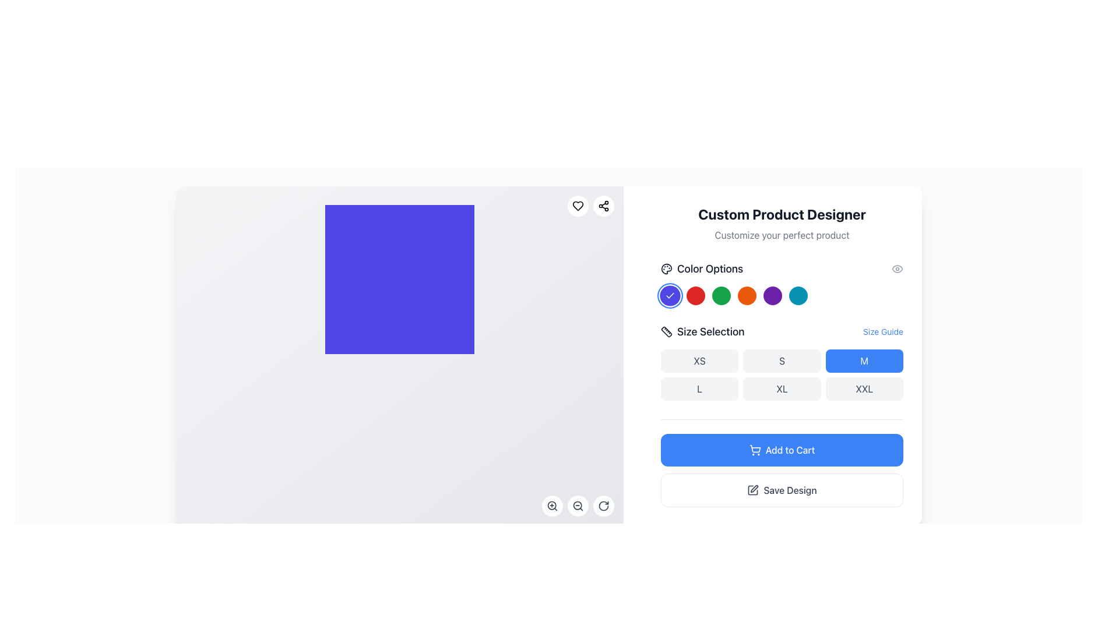 This screenshot has height=629, width=1119. Describe the element at coordinates (578, 206) in the screenshot. I see `the heart icon, which is a minimalist heart shape representing 'like' or 'favorite', located near the top-left corner of the interface` at that location.